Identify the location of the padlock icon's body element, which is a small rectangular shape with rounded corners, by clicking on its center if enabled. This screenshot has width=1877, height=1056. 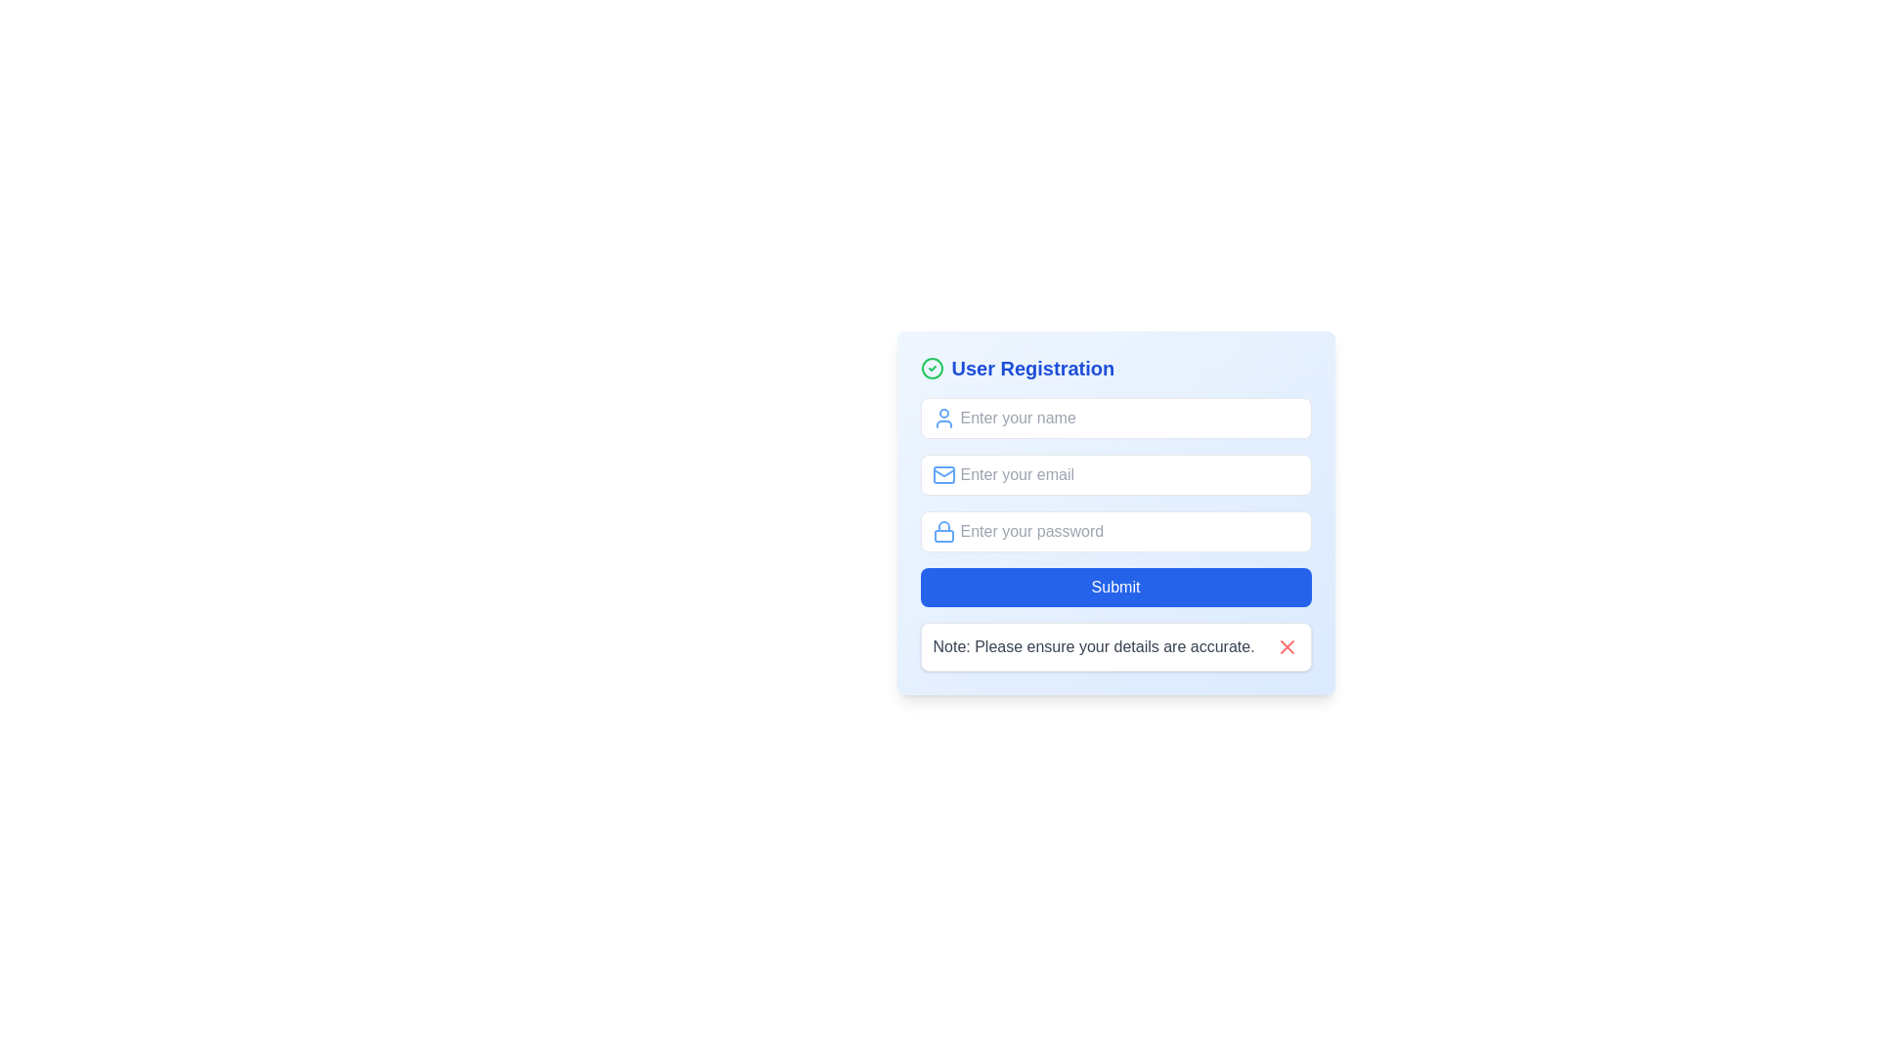
(943, 536).